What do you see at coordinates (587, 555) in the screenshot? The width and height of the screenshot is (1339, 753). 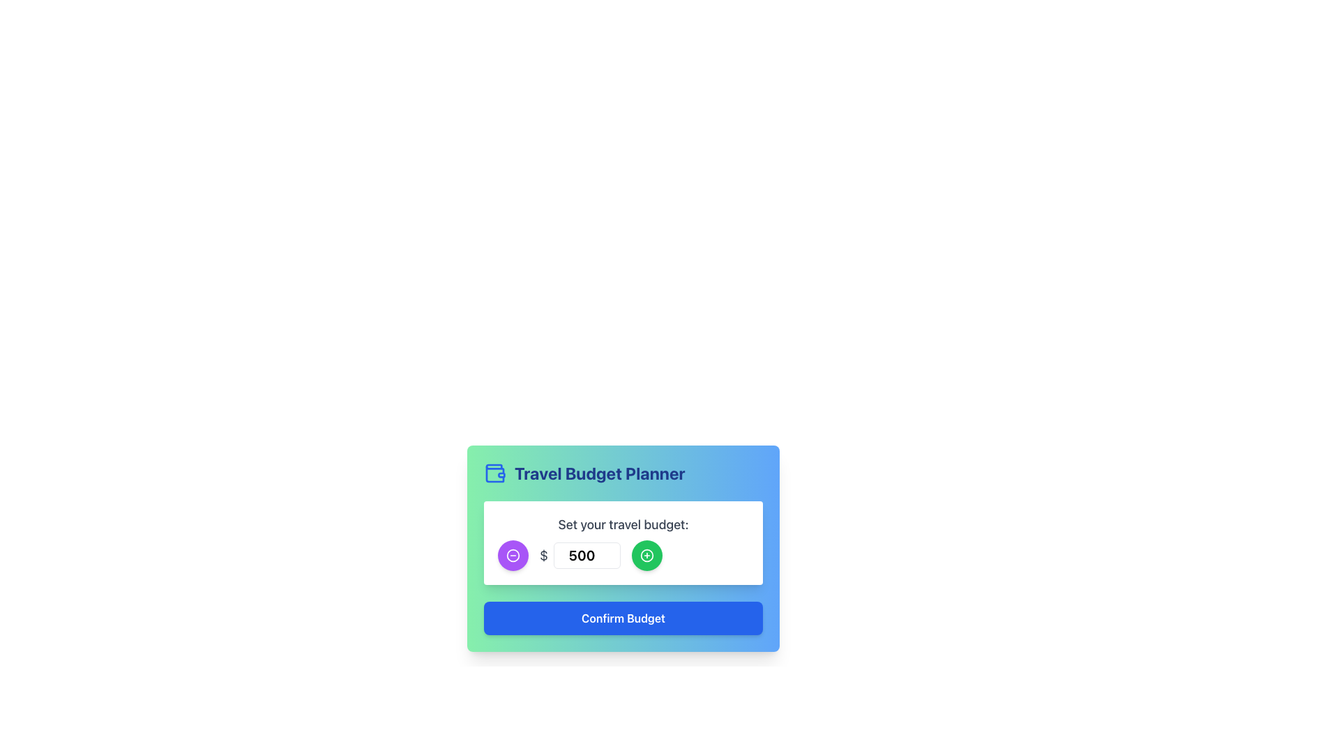 I see `the editable input field for the travel budget, positioned between a dollar sign and a green plus icon, to focus and edit the value` at bounding box center [587, 555].